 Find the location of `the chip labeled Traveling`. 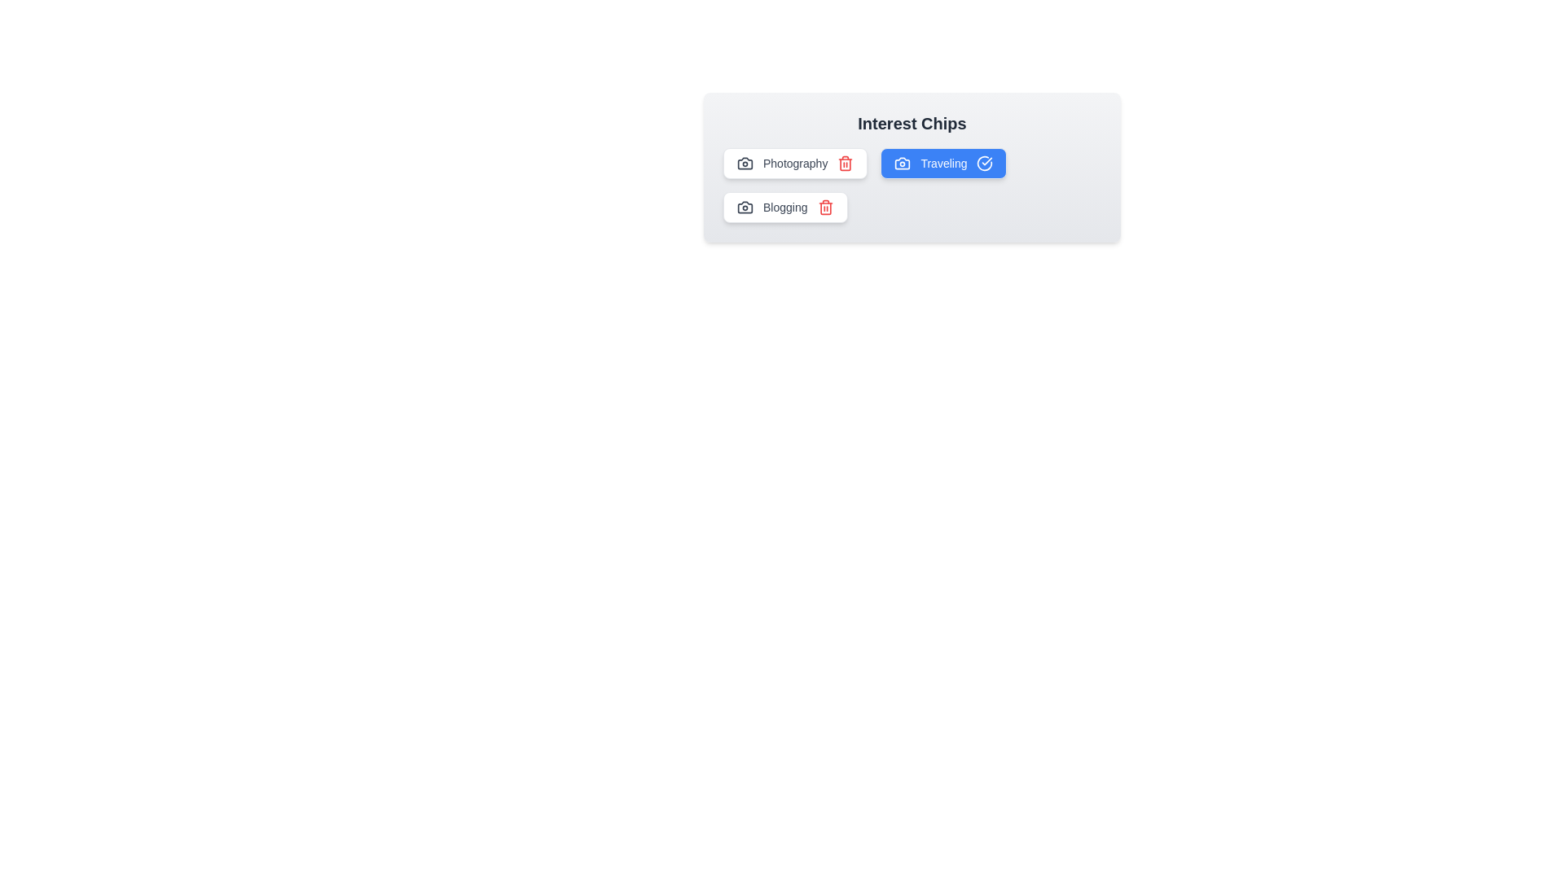

the chip labeled Traveling is located at coordinates (942, 163).